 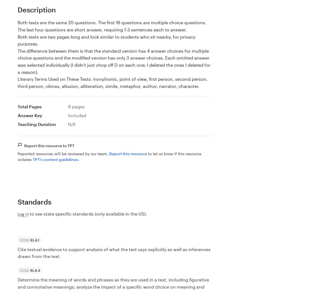 I want to click on 'Both tests are two pages long and look similar to students who sit nearby, for privacy purposes.', so click(x=17, y=40).